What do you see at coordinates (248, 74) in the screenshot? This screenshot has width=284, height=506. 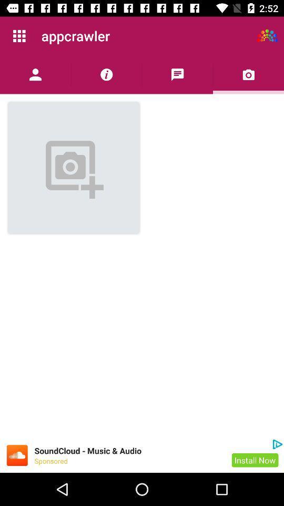 I see `photo` at bounding box center [248, 74].